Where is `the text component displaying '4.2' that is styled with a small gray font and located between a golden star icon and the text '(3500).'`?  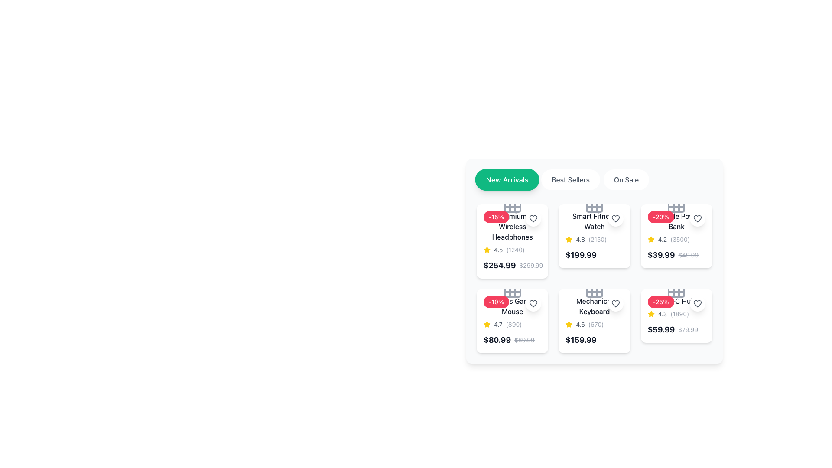 the text component displaying '4.2' that is styled with a small gray font and located between a golden star icon and the text '(3500).' is located at coordinates (662, 239).